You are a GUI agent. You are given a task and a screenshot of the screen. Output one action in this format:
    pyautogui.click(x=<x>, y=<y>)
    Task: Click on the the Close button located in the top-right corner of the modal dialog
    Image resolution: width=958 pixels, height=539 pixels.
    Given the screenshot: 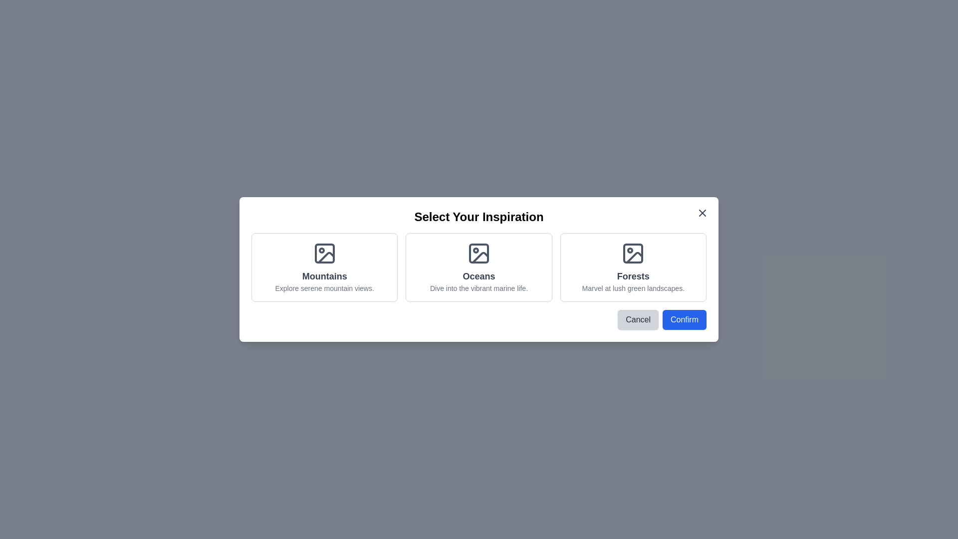 What is the action you would take?
    pyautogui.click(x=702, y=213)
    